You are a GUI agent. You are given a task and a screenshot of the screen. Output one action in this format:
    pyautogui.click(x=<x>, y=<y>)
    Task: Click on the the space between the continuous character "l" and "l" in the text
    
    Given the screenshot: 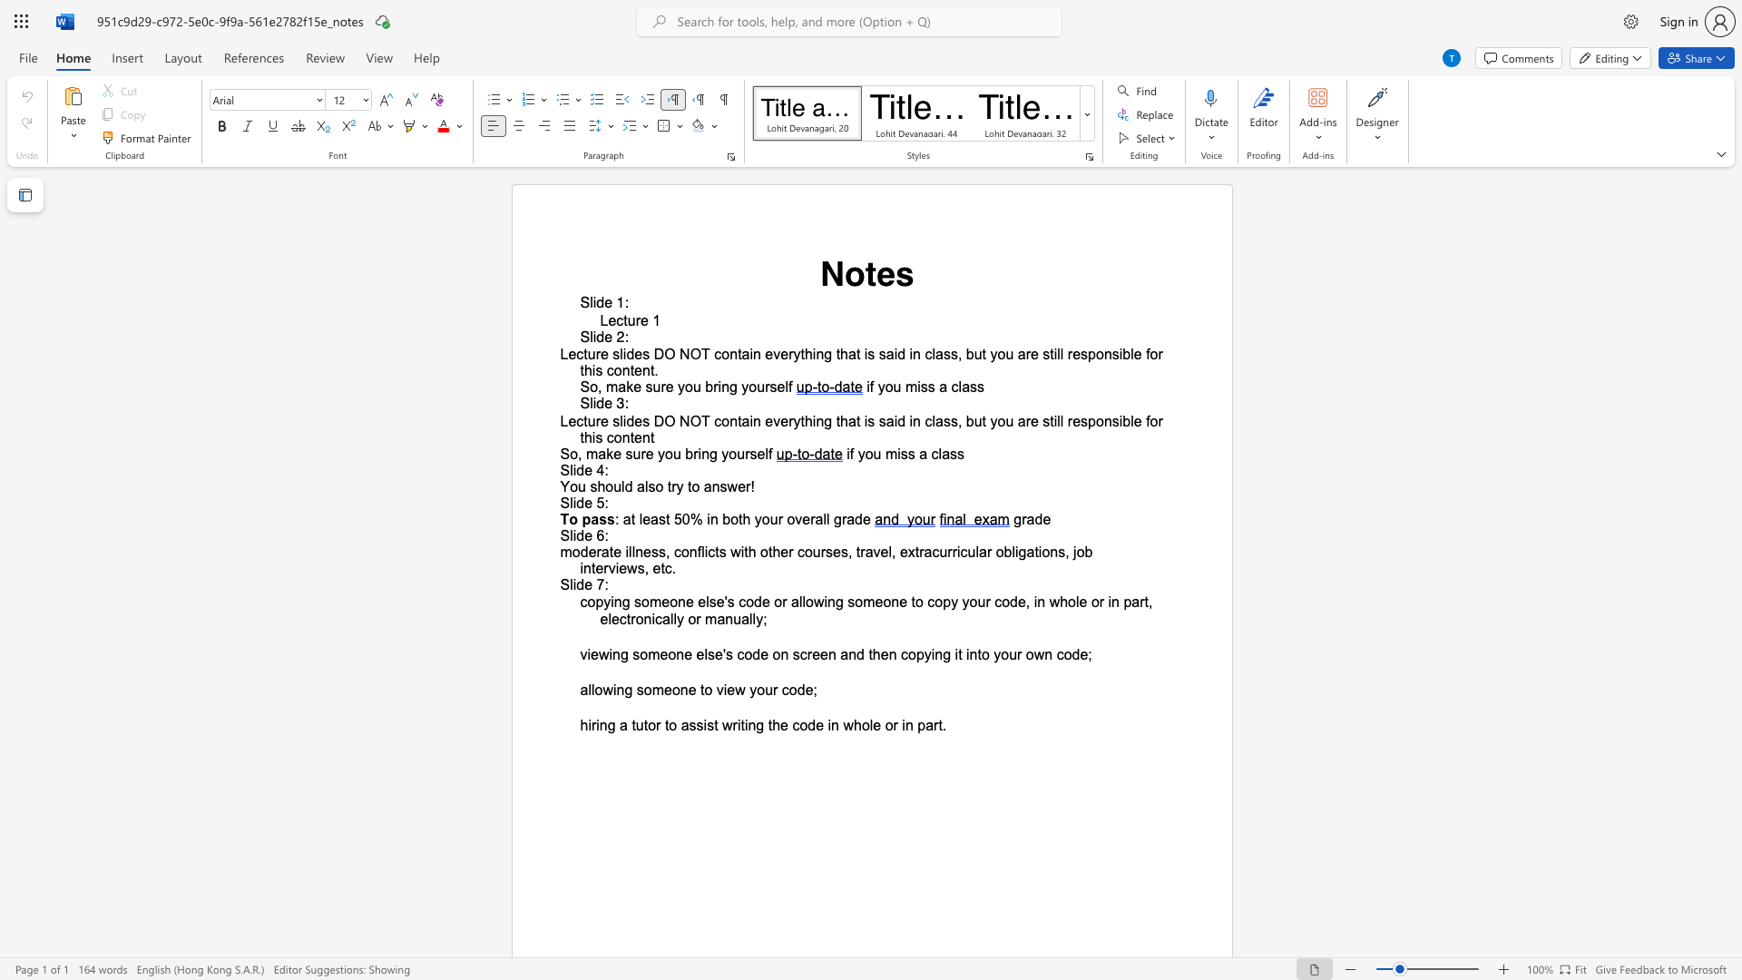 What is the action you would take?
    pyautogui.click(x=1060, y=421)
    